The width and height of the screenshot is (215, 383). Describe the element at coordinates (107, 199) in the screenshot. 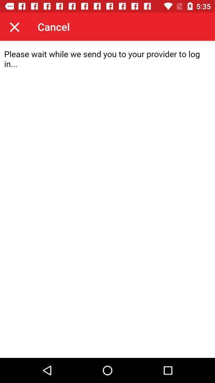

I see `content area` at that location.